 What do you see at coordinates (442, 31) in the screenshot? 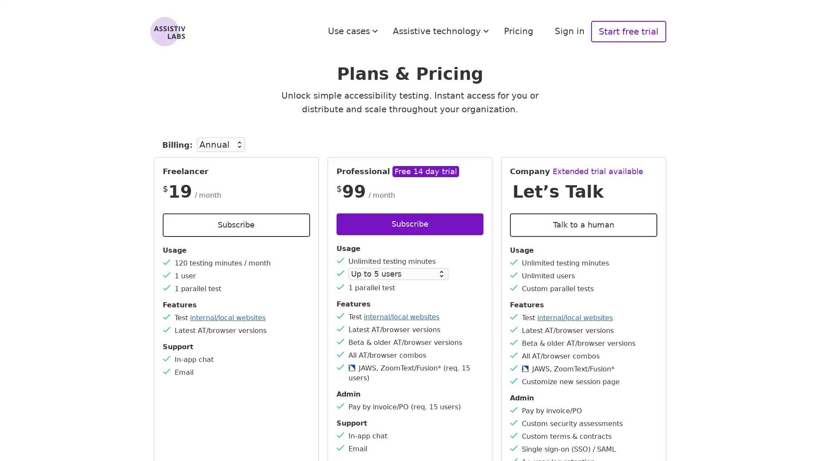
I see `Assistive technology` at bounding box center [442, 31].